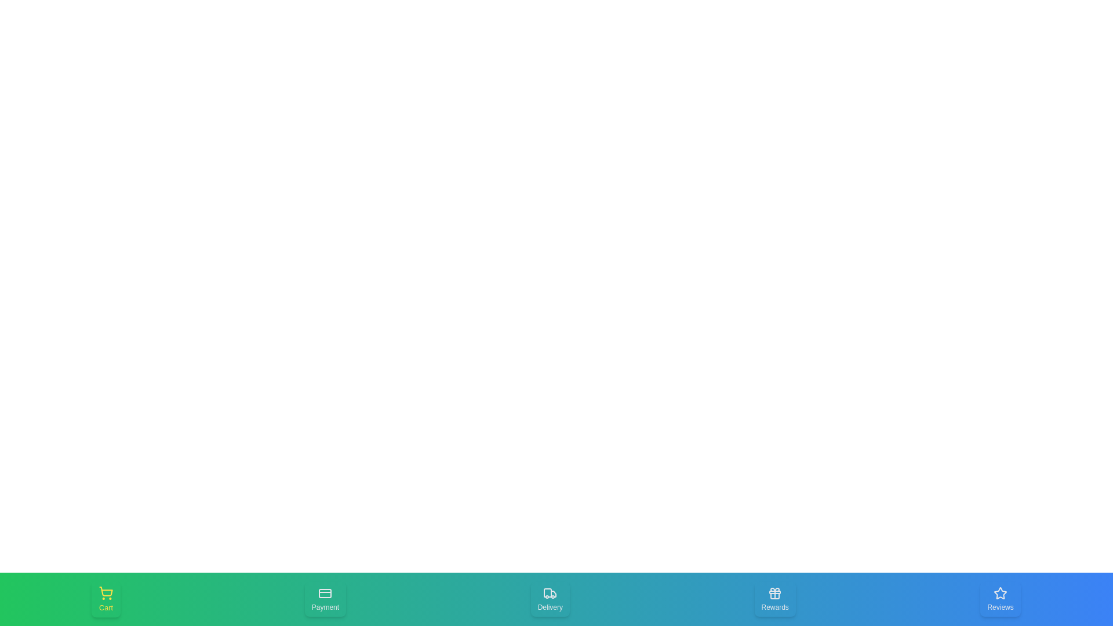 The image size is (1113, 626). What do you see at coordinates (775, 599) in the screenshot?
I see `the Rewards tab in the bottom navigation bar` at bounding box center [775, 599].